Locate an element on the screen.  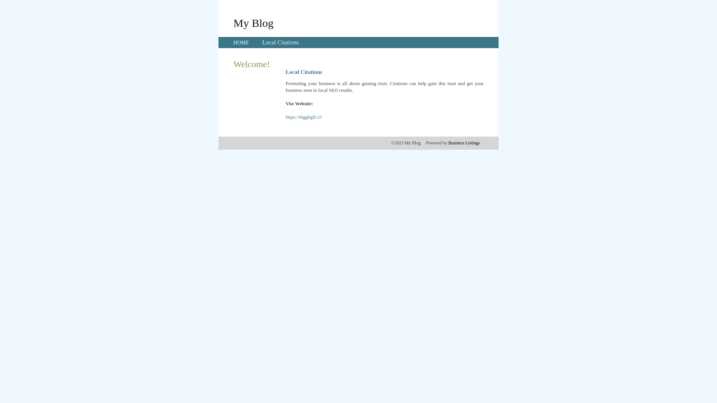
'https://thgghgff.cf/' is located at coordinates (304, 117).